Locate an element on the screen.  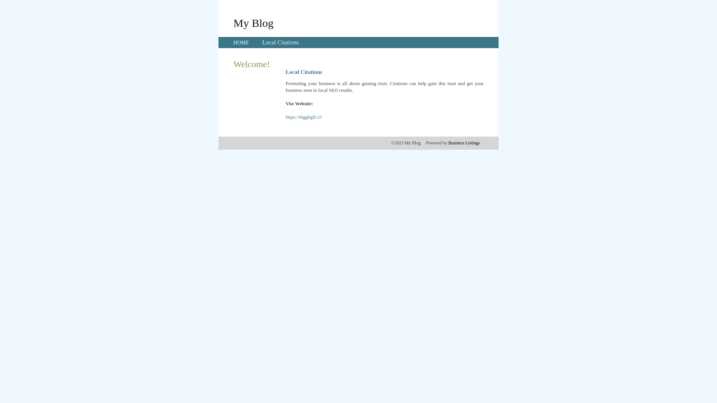
'https://thgghgff.cf/' is located at coordinates (304, 117).